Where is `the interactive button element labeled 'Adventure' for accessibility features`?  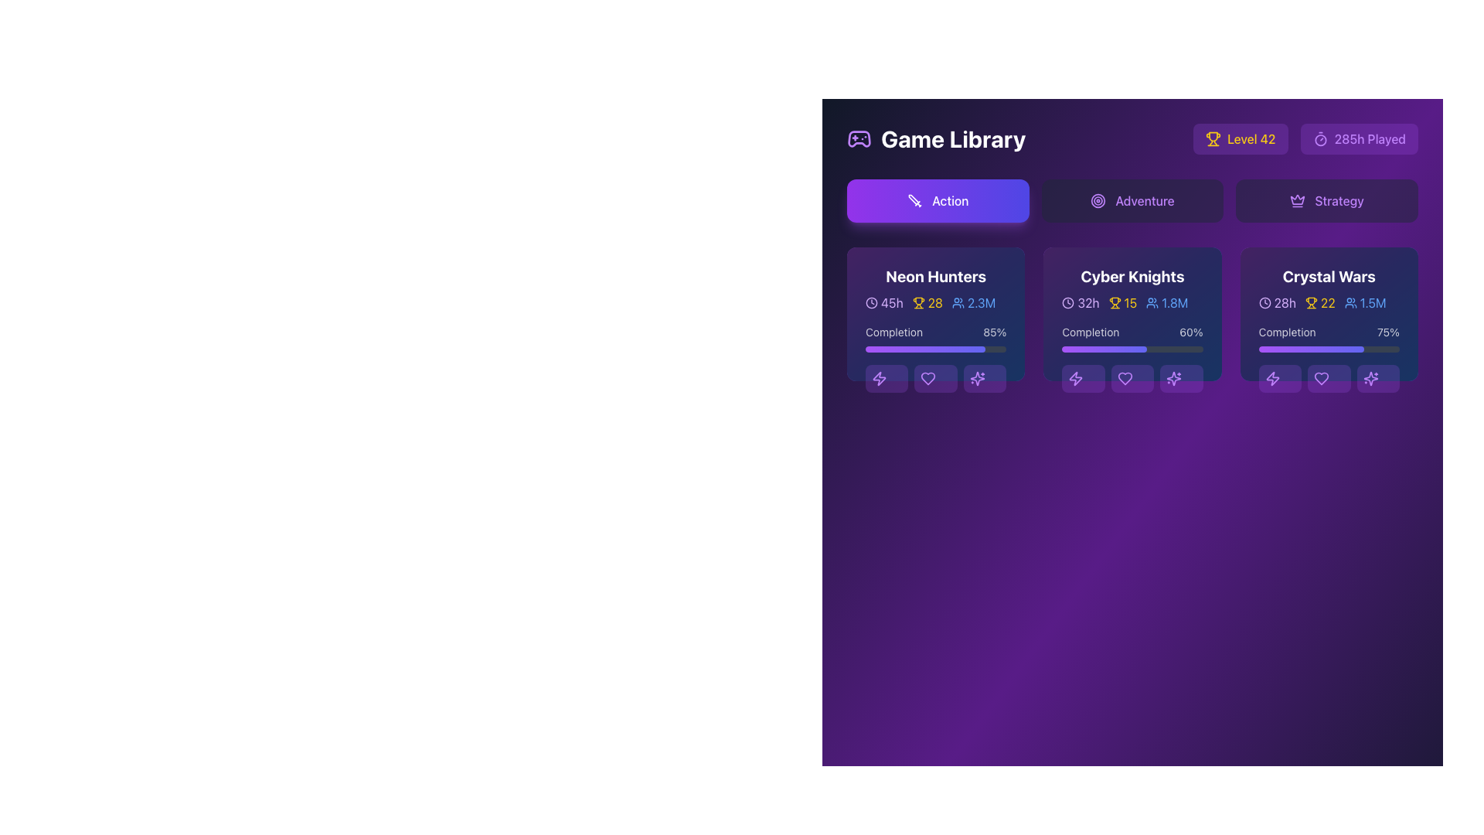 the interactive button element labeled 'Adventure' for accessibility features is located at coordinates (1145, 199).